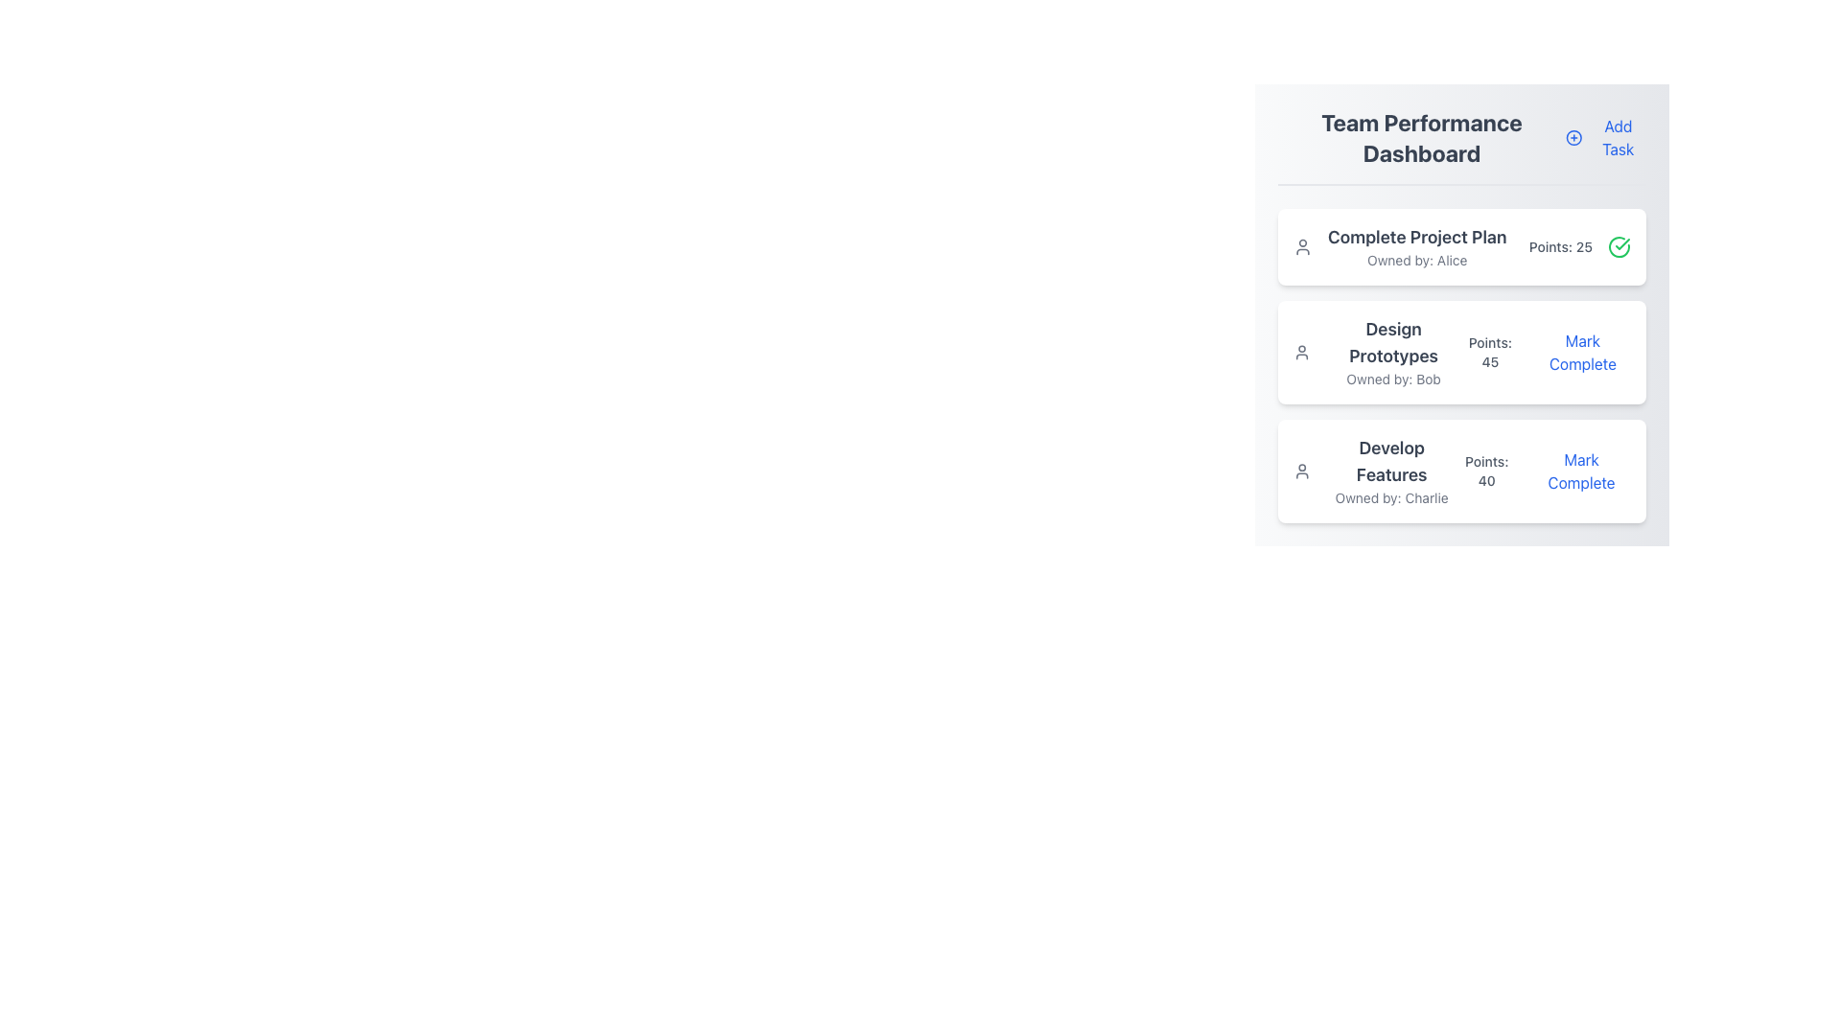 Image resolution: width=1841 pixels, height=1035 pixels. Describe the element at coordinates (1302, 471) in the screenshot. I see `the leftmost icon in the third item labeled 'Develop Features' in the 'Team Performance Dashboard' panel` at that location.